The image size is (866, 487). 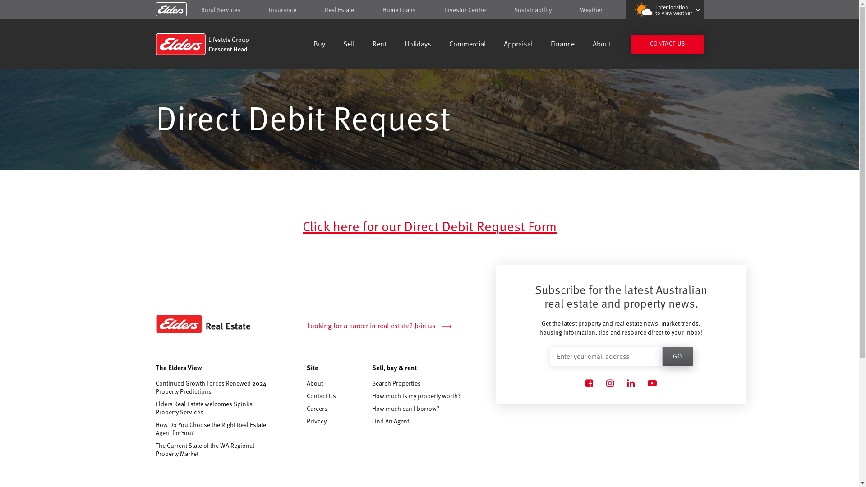 What do you see at coordinates (467, 45) in the screenshot?
I see `'Commercial'` at bounding box center [467, 45].